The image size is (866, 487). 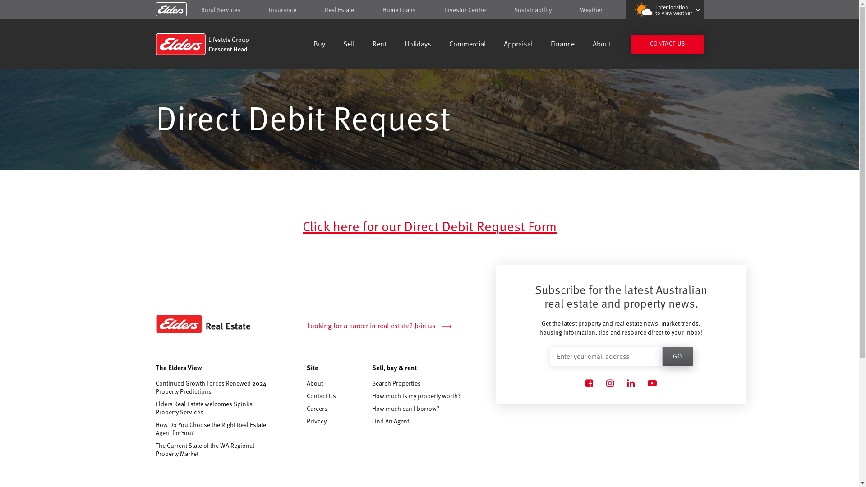 What do you see at coordinates (467, 45) in the screenshot?
I see `'Commercial'` at bounding box center [467, 45].